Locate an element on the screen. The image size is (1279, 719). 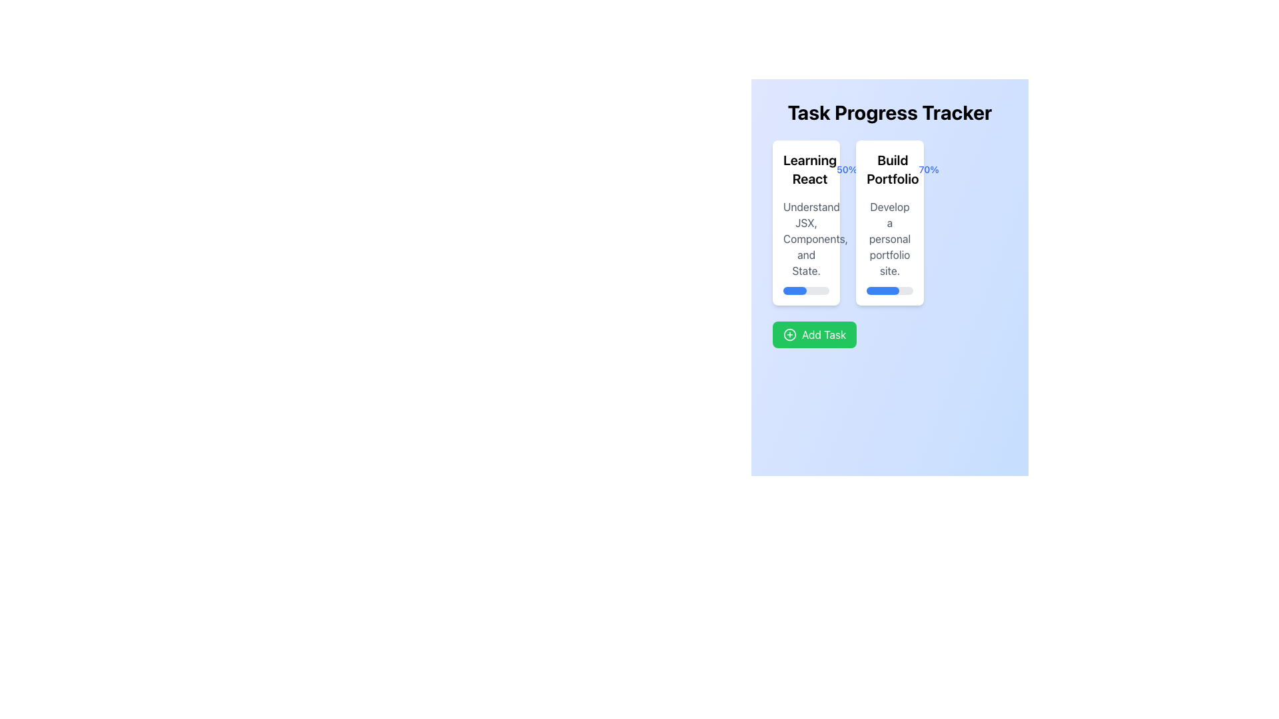
the progress bar located at the bottom of the 'Build Portfolio' task card is located at coordinates (889, 290).